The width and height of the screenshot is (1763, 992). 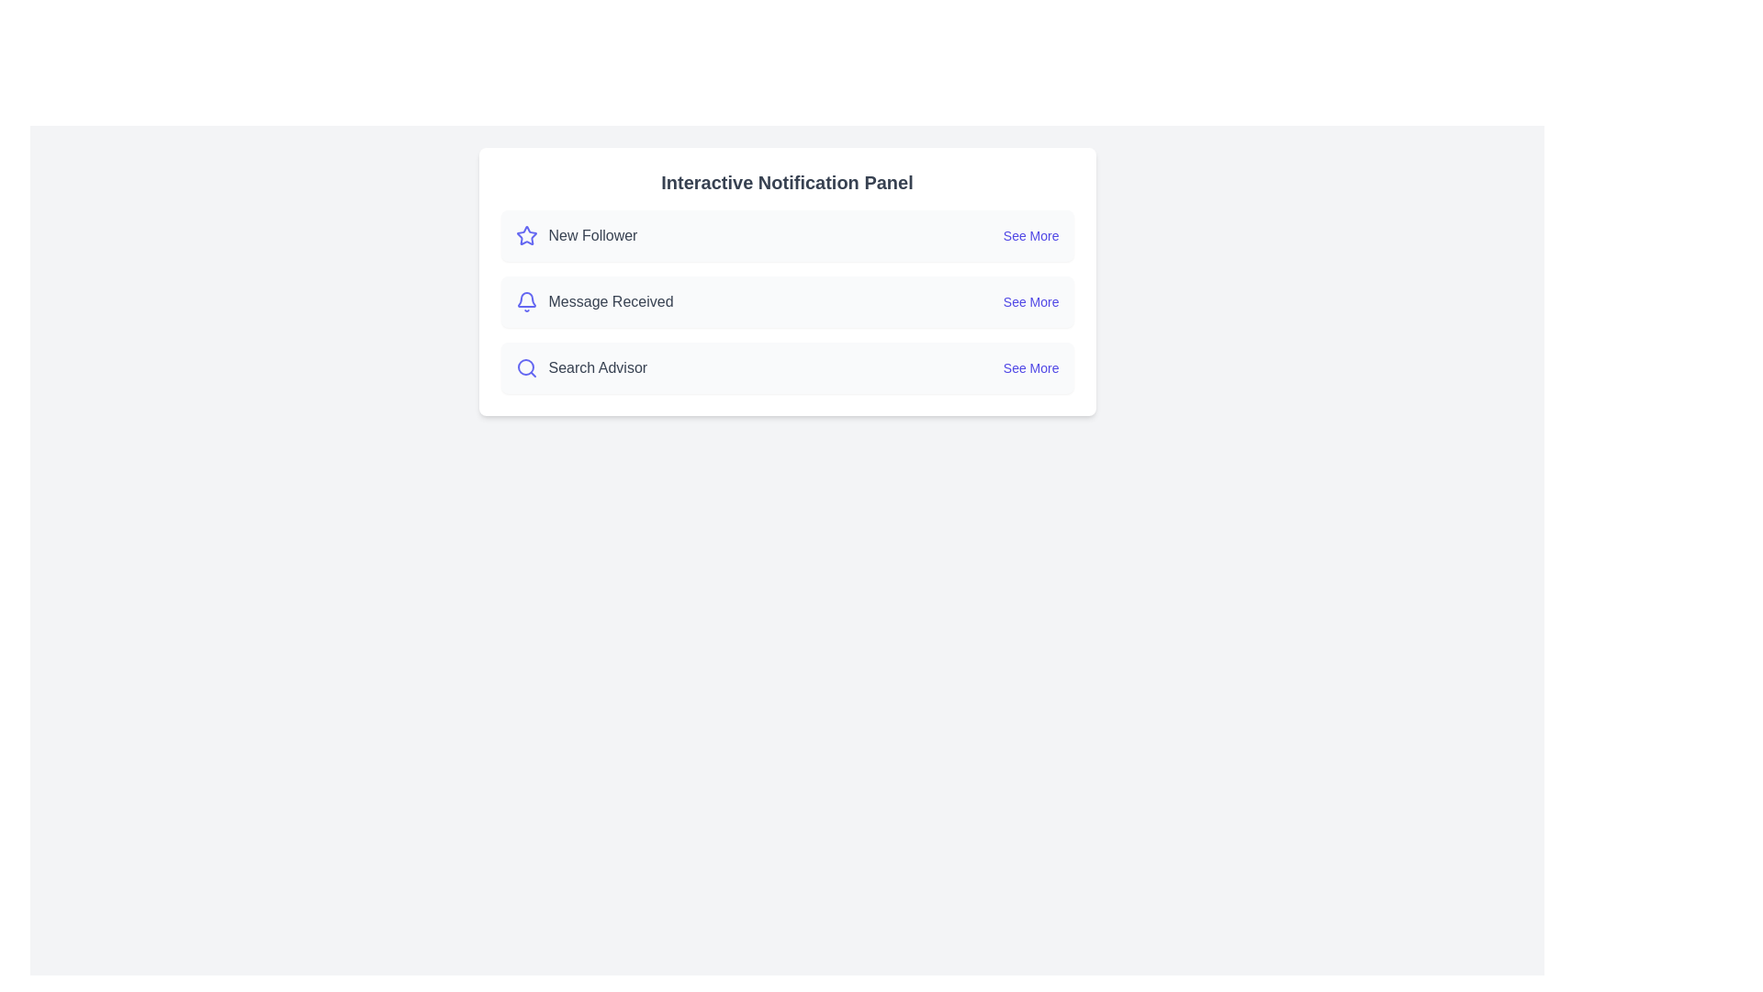 I want to click on the first notification entry indicating a new follower, which contains an interactive 'See More' link, so click(x=787, y=235).